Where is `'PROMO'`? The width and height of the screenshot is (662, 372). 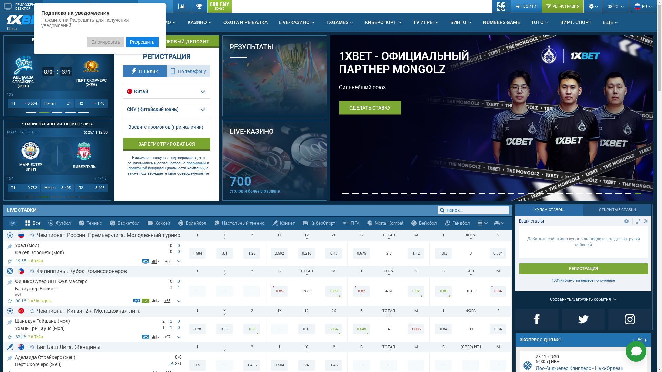 'PROMO' is located at coordinates (148, 22).